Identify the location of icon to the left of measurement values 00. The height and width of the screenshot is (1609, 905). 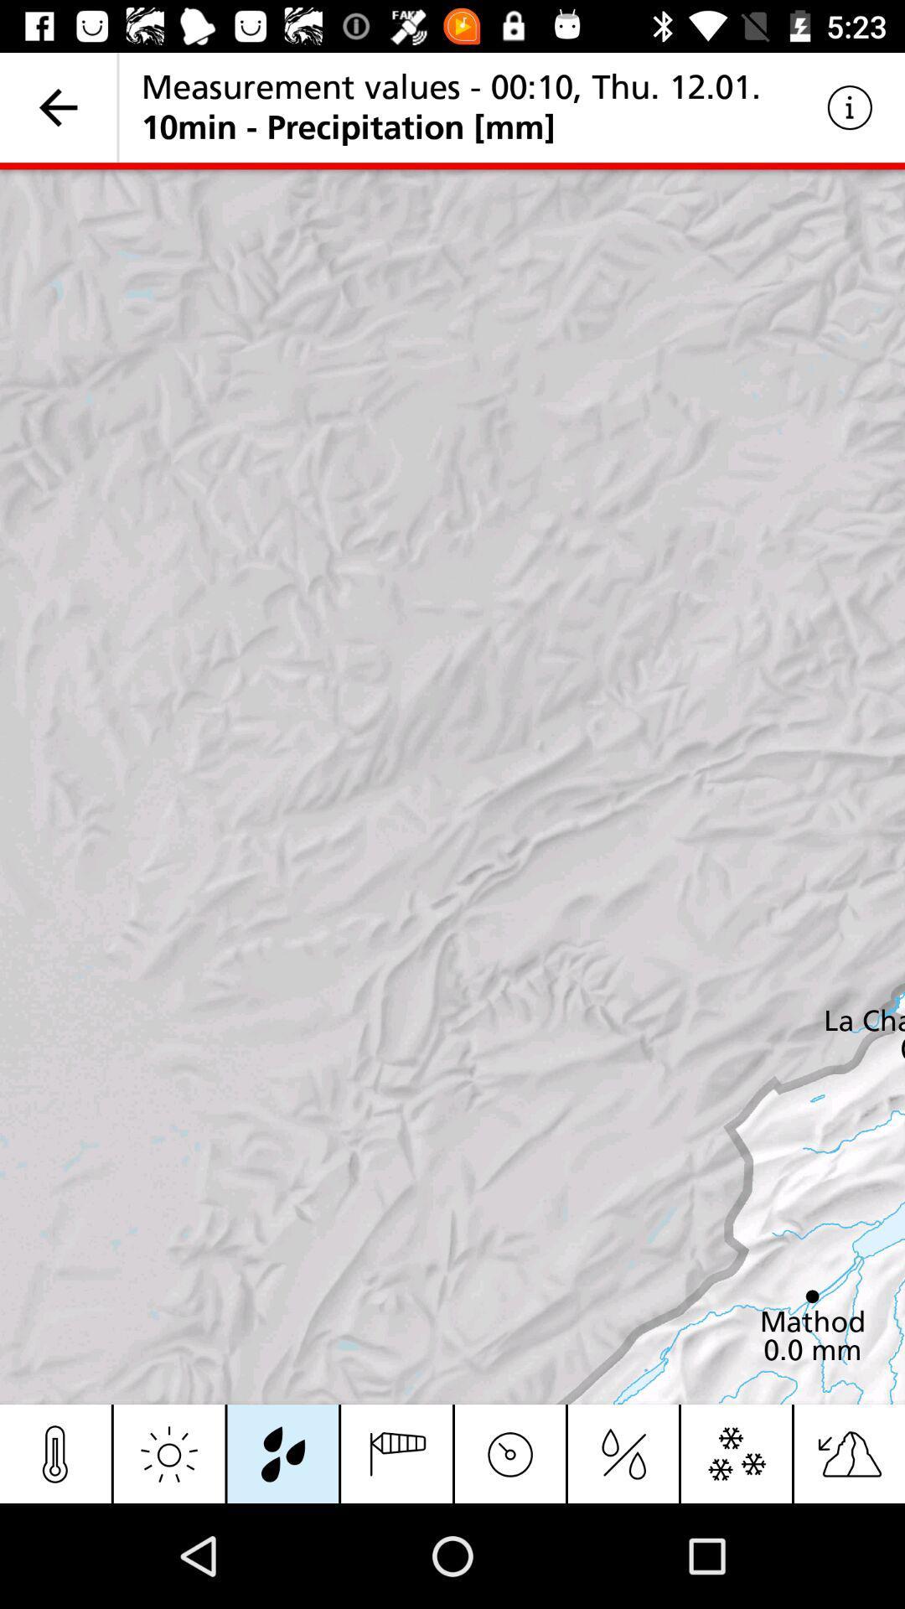
(57, 106).